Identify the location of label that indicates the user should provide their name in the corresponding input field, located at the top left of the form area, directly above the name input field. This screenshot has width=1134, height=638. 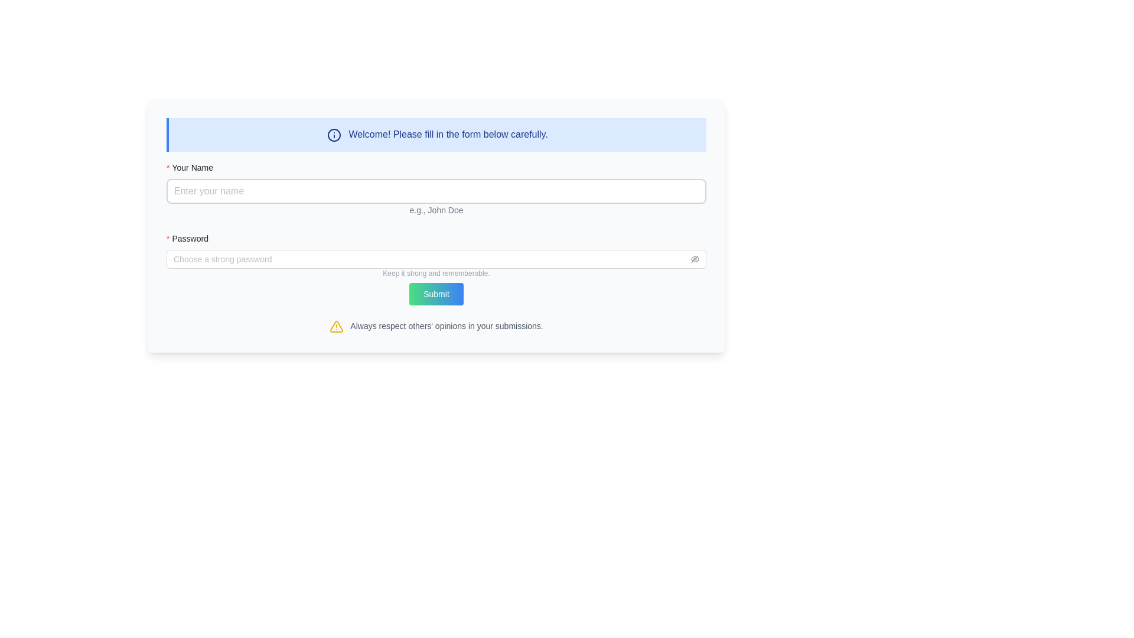
(194, 167).